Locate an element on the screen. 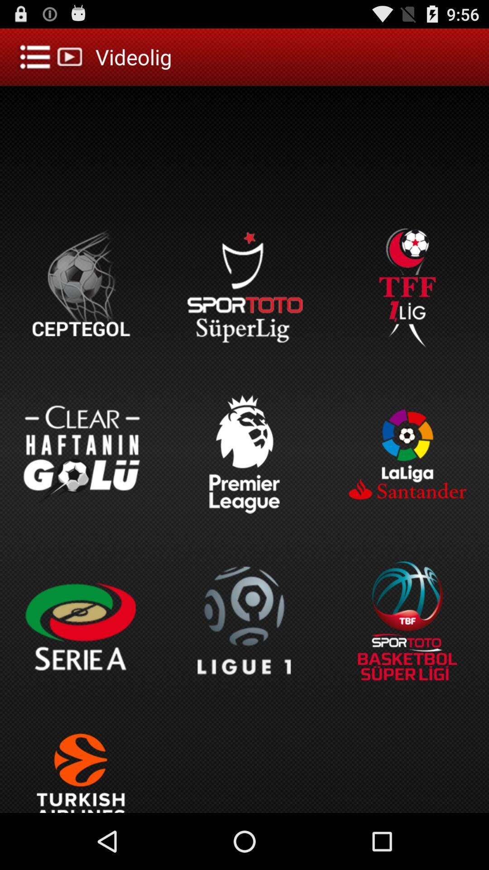 The image size is (489, 870). the button which is below to the clear haftanin golu is located at coordinates (81, 620).